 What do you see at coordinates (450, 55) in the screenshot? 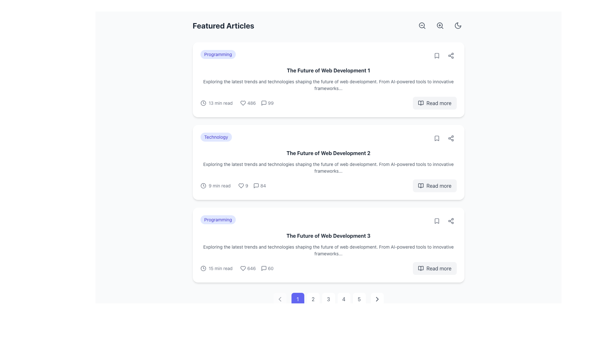
I see `the share icon button located in the top-right corner of the first article card under the 'Featured Articles' heading` at bounding box center [450, 55].